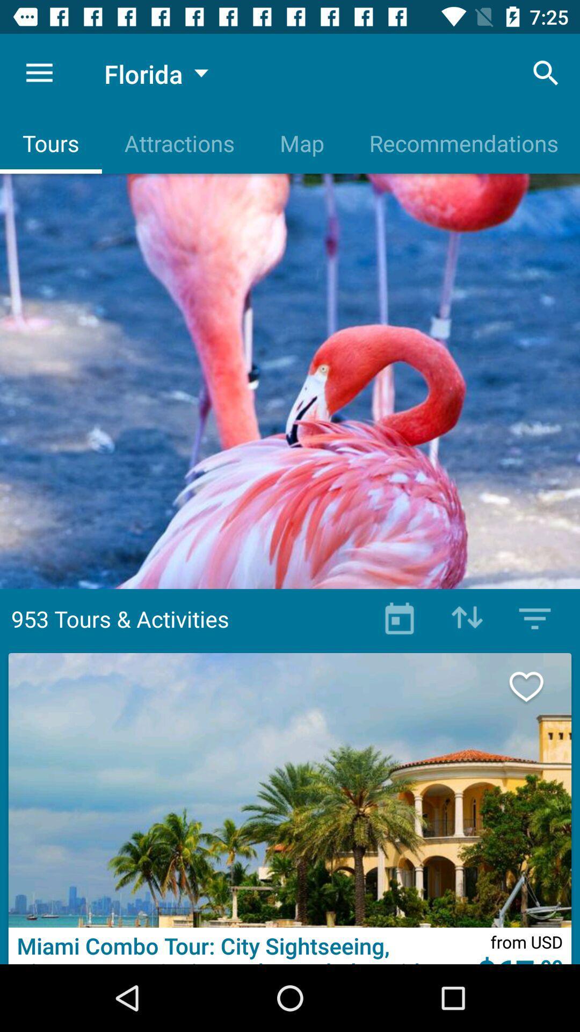  What do you see at coordinates (538, 686) in the screenshot?
I see `to favorites` at bounding box center [538, 686].